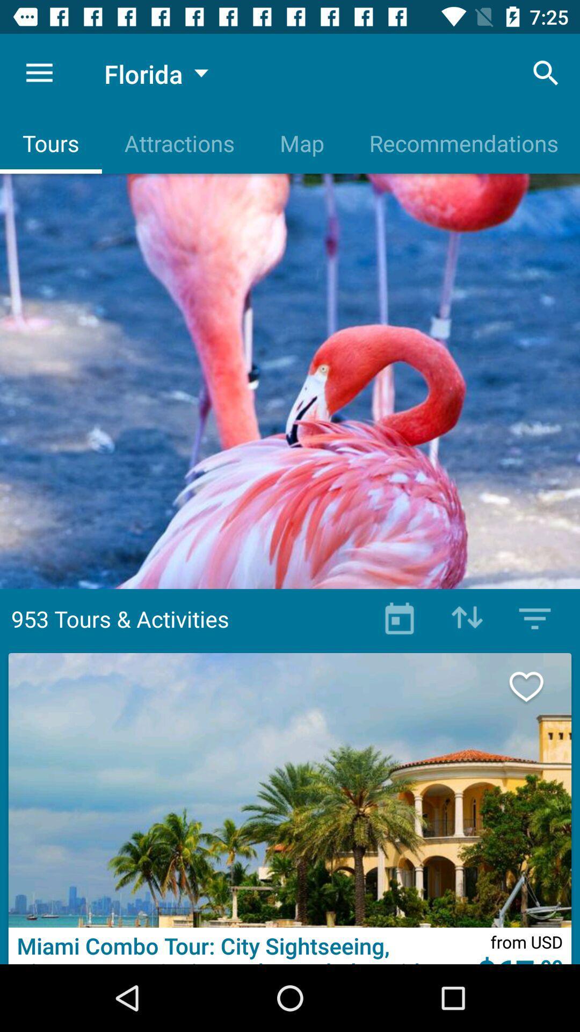  What do you see at coordinates (538, 686) in the screenshot?
I see `to favorites` at bounding box center [538, 686].